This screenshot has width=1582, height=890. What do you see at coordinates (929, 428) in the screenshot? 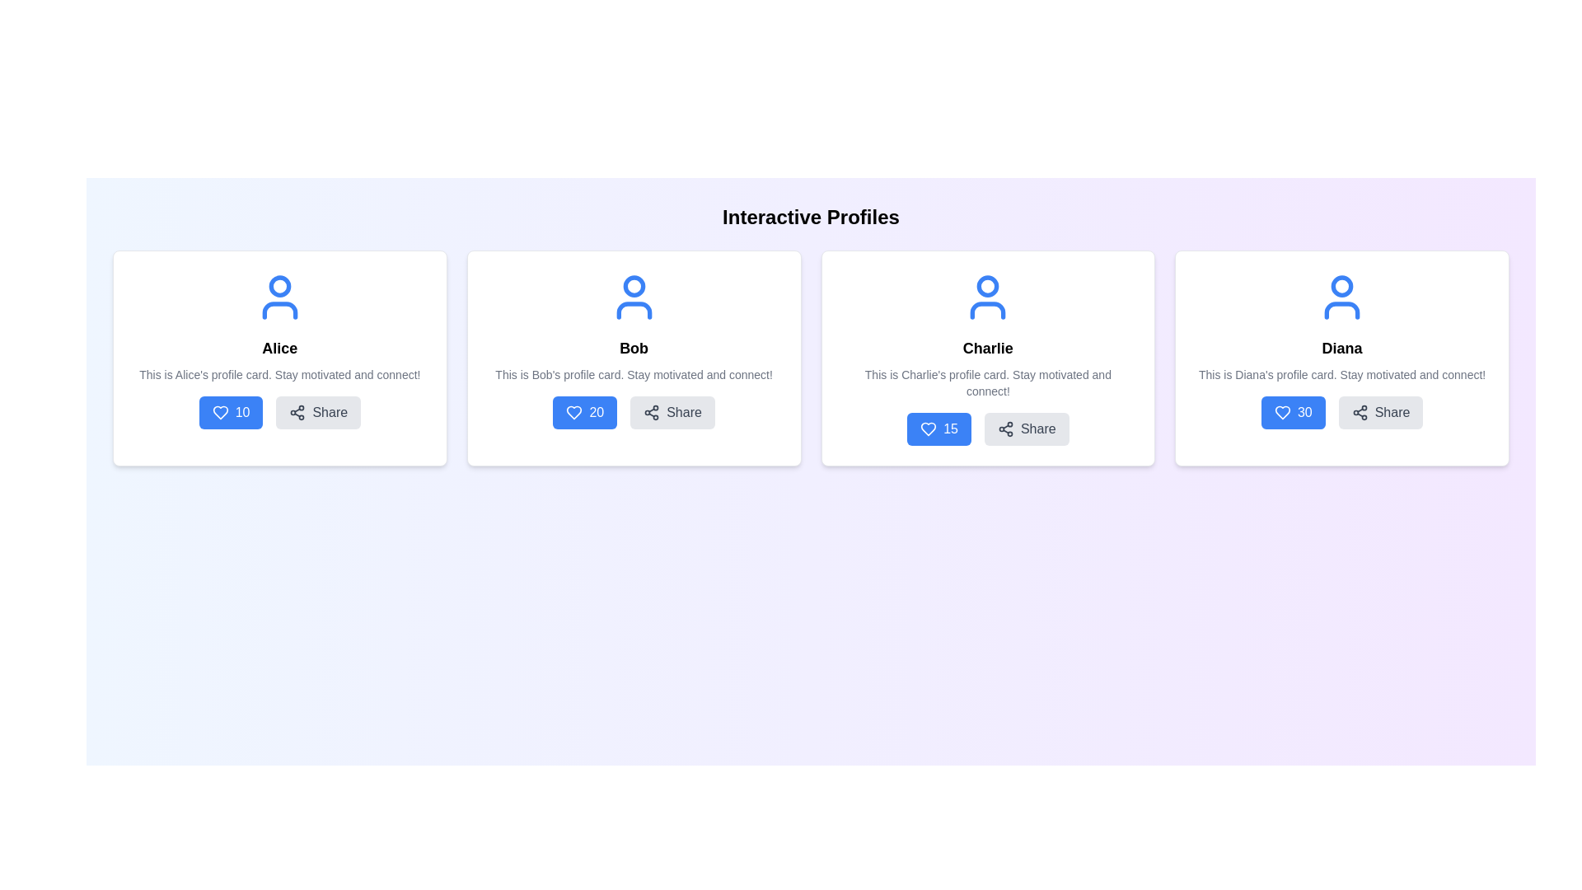
I see `the heart-shaped icon with an outlined design located to the left of the number '15' within the rounded blue button on Charlie's profile card to express liking` at bounding box center [929, 428].